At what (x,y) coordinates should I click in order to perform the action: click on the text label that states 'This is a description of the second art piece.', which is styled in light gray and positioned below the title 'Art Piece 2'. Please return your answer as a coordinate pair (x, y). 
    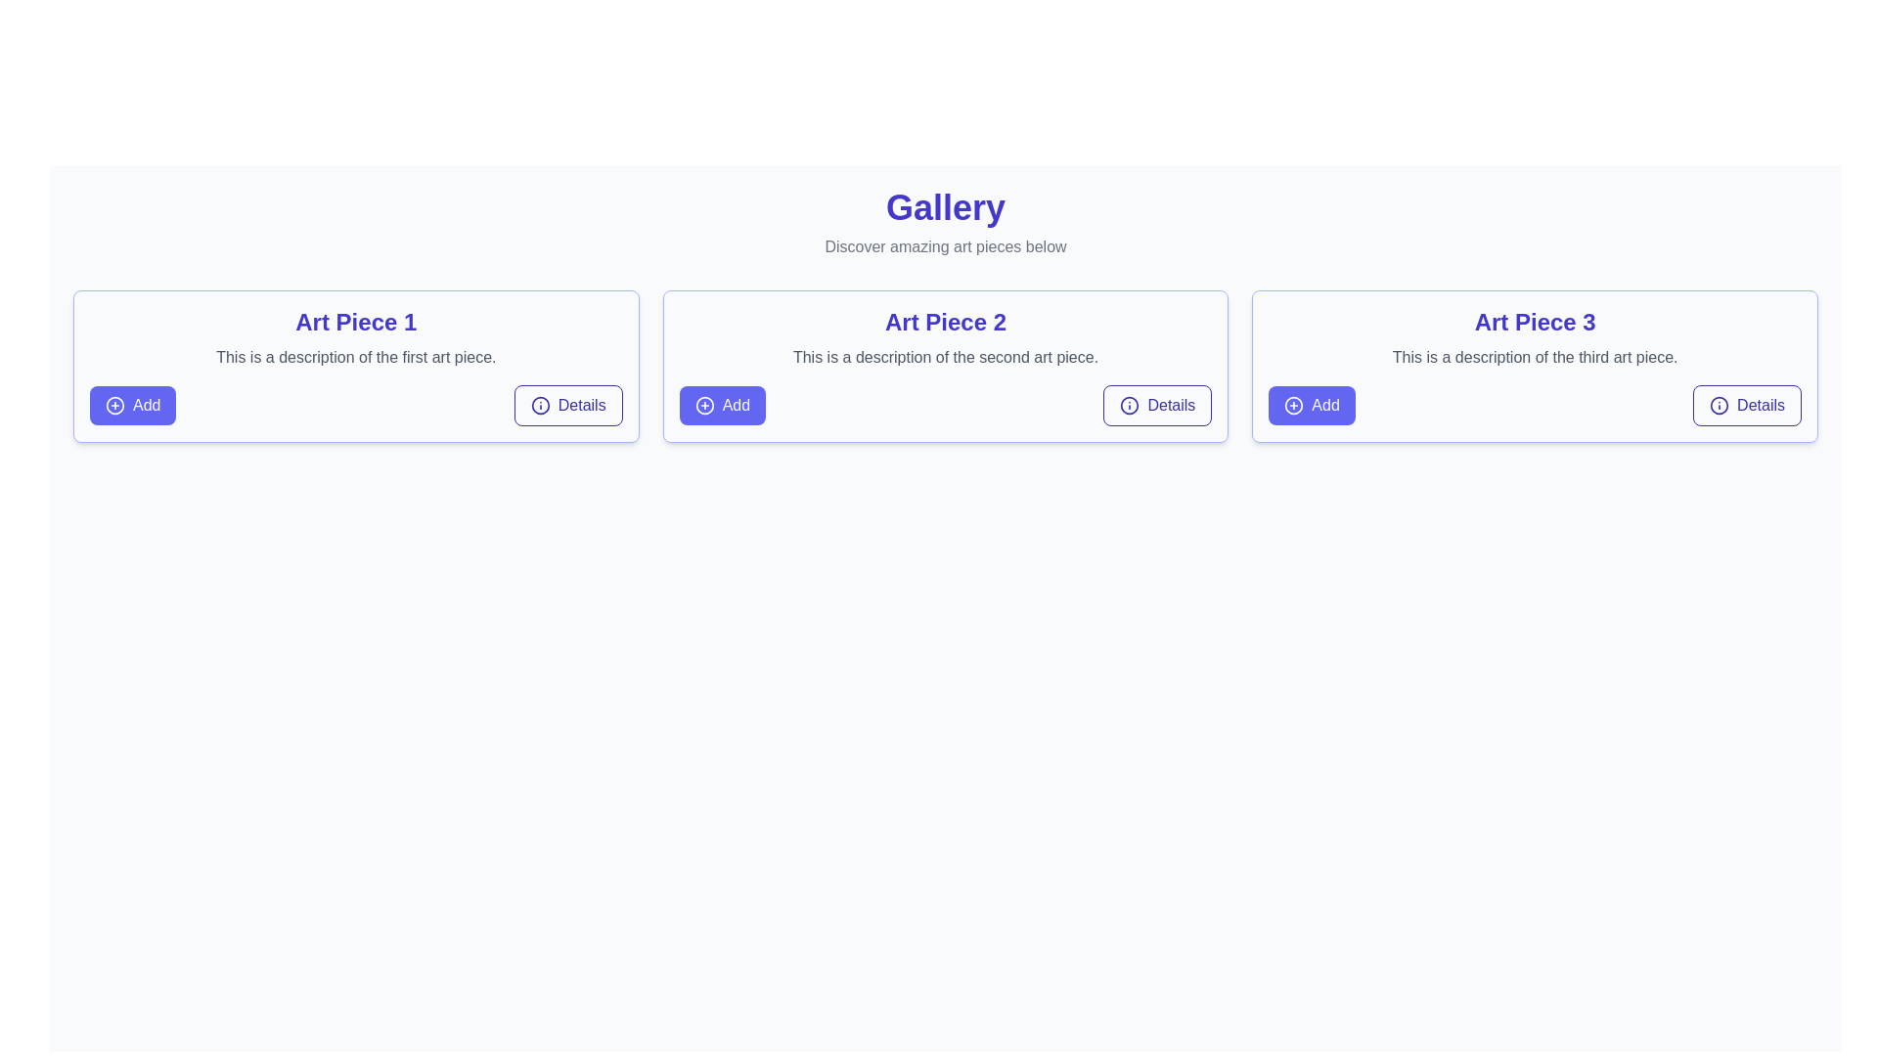
    Looking at the image, I should click on (945, 358).